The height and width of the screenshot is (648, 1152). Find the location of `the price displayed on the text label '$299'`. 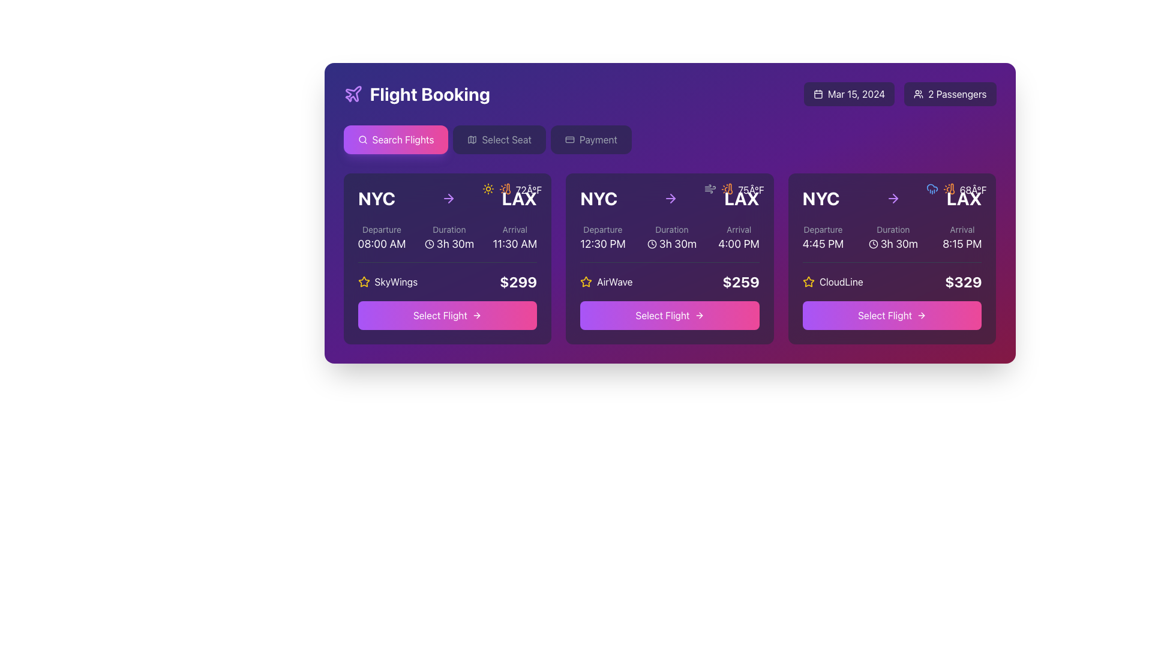

the price displayed on the text label '$299' is located at coordinates (518, 282).